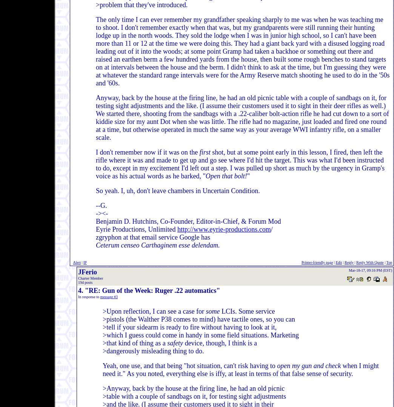 This screenshot has width=394, height=407. I want to click on 'Anyway, back by the house at the firing line, he had an old picnic table with a couple of sandbags on it, for testing sight adjustments and the like.  (I assume their customers used it to sight in their deer rifles as well.)  We started there, shooting from the sandbags with a .22-caliber bolt-action rifle he had cut down to a sort of kiddie size for my aunt Dot when she was little.  The rifle had no magazine, just loaded and fired one round at a time, but otherwise operated in much the same way as your average WWI infantry rifle, on a smaller scale.', so click(242, 118).